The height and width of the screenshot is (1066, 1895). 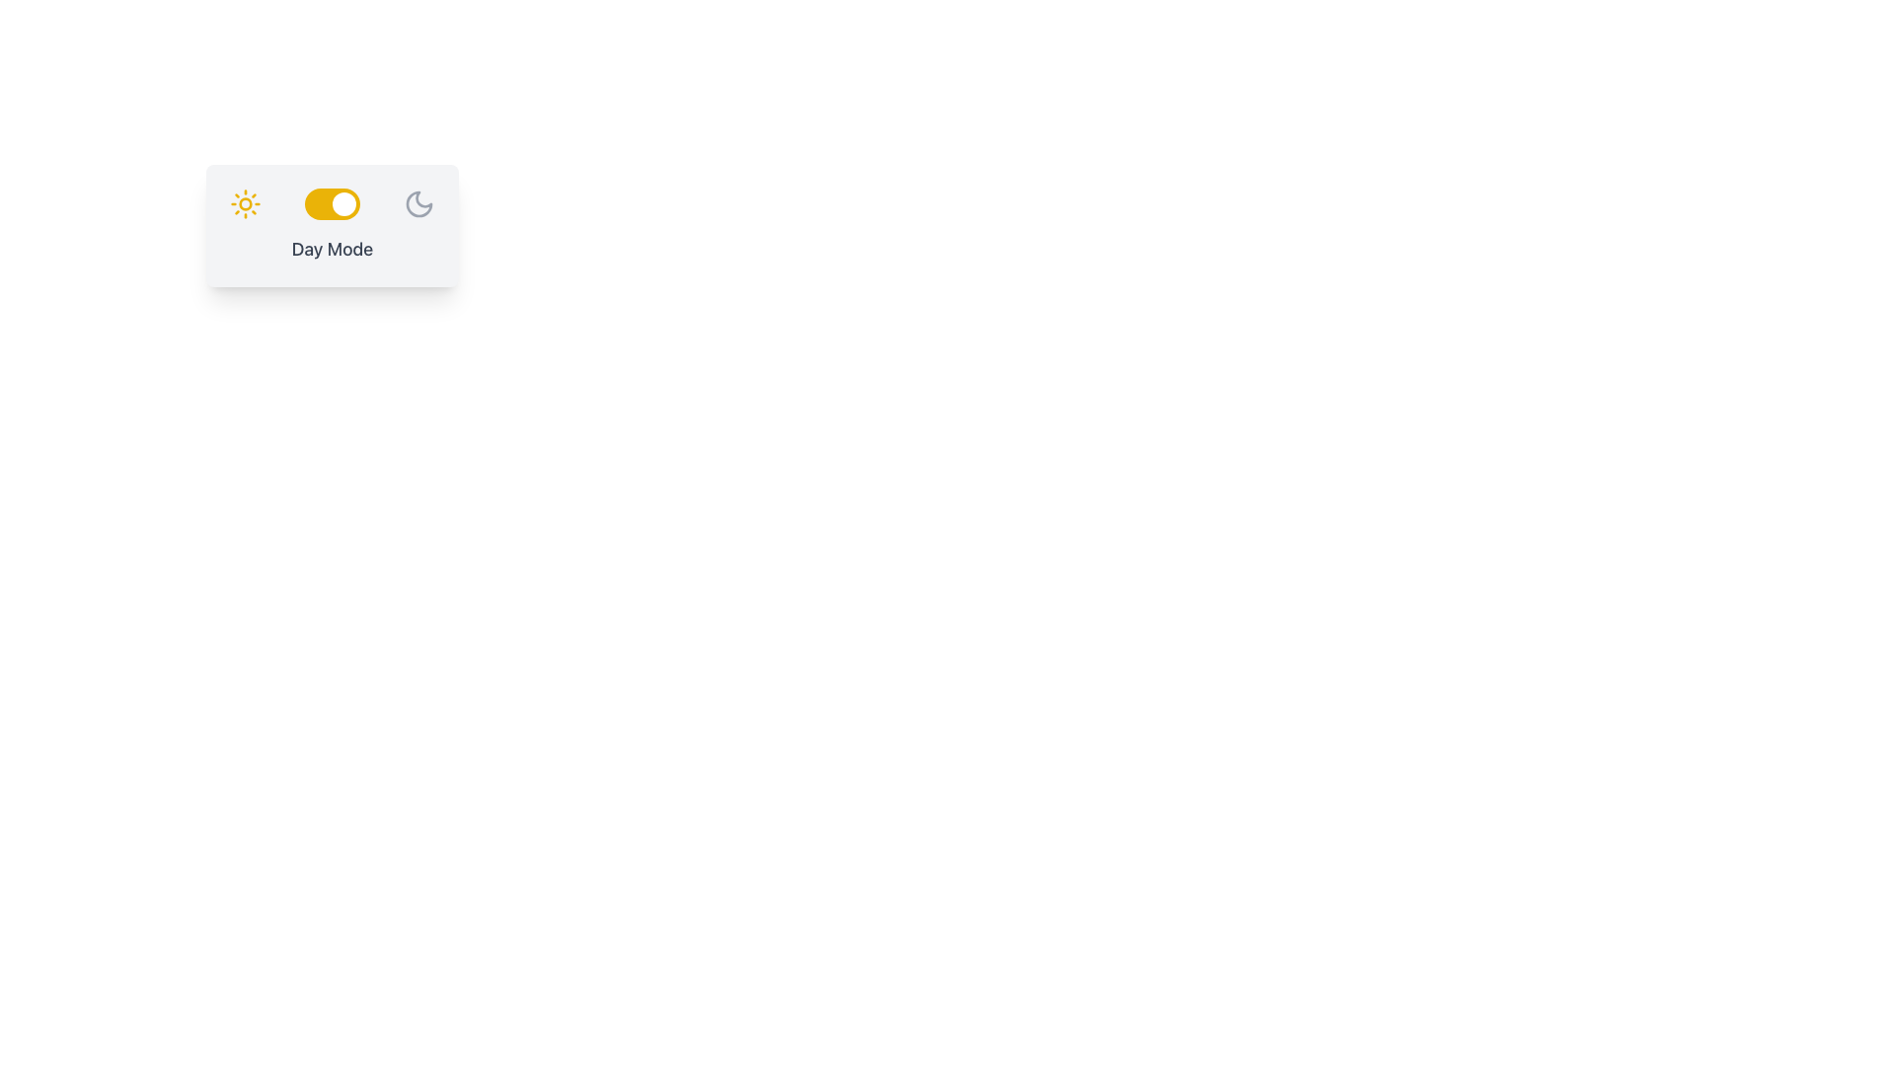 I want to click on the graphical representation of the daylight icon located at the leftmost side of the layout, which is part of a light/dark mode toggle, so click(x=245, y=204).